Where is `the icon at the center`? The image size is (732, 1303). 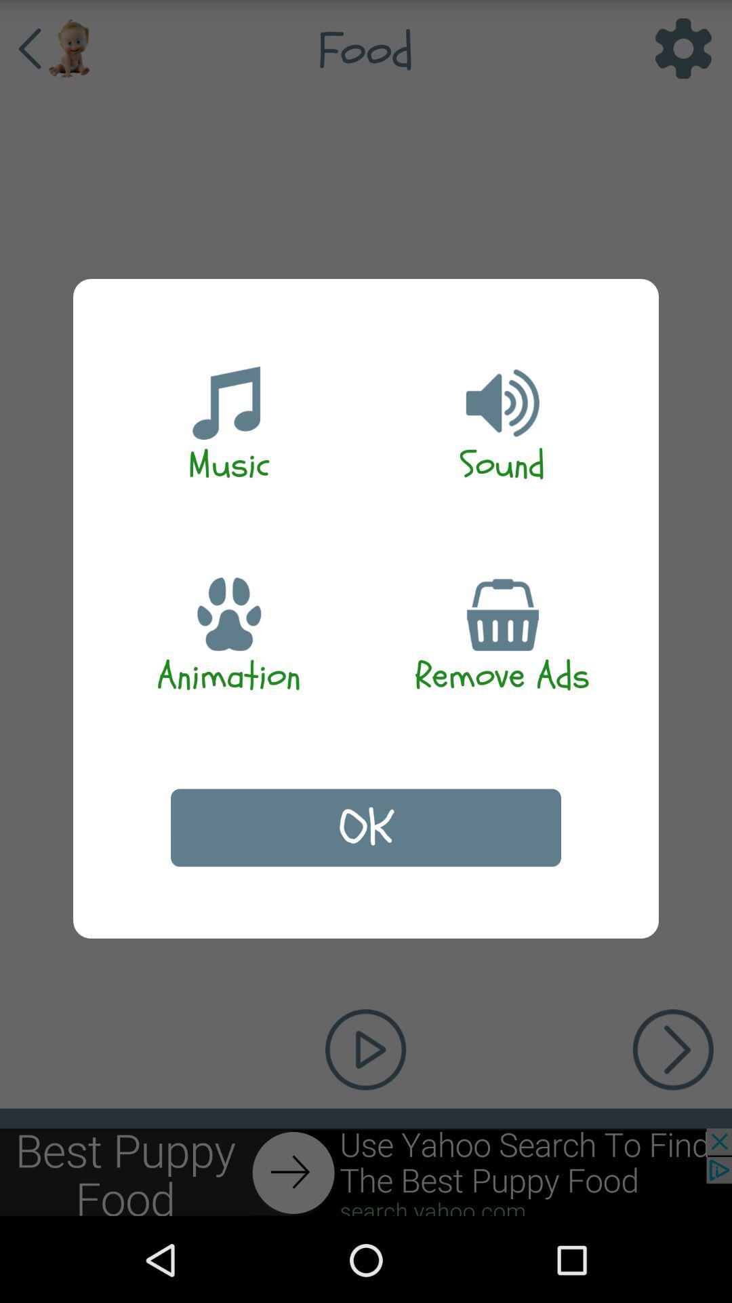
the icon at the center is located at coordinates (366, 827).